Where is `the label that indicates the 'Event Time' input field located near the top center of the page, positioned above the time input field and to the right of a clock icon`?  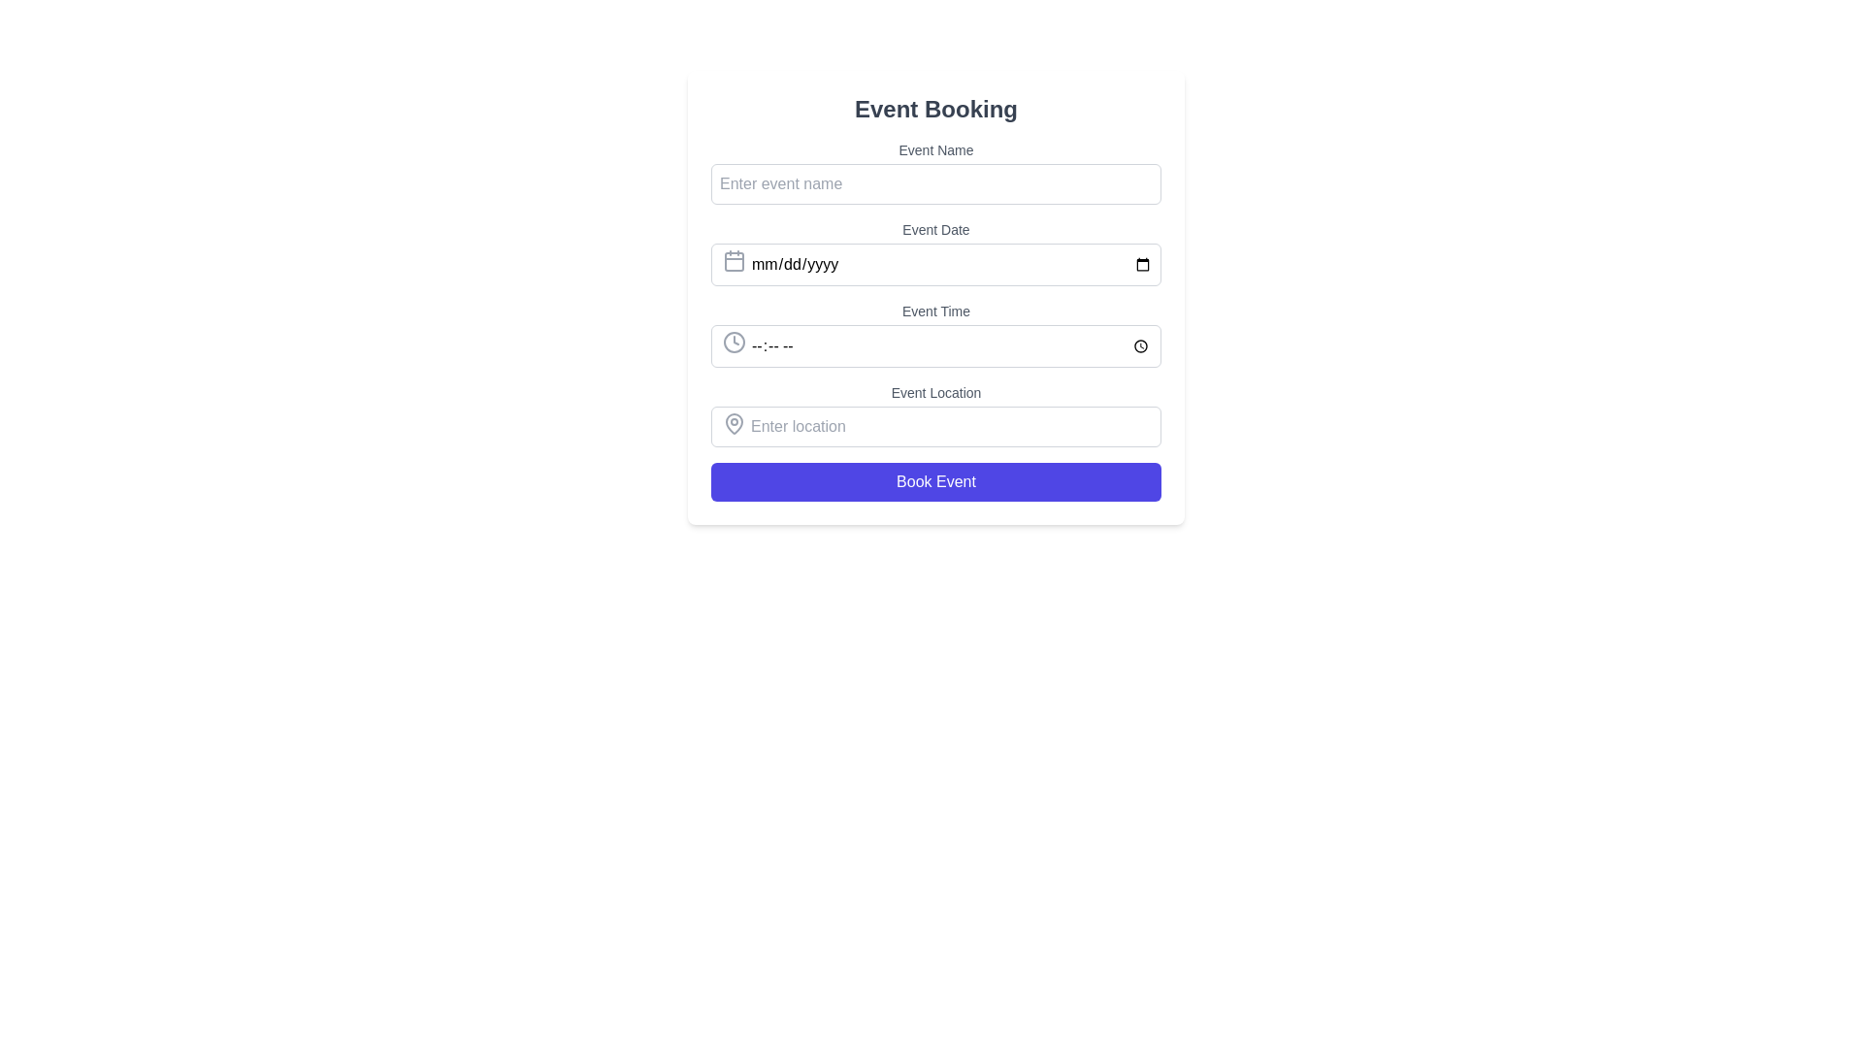 the label that indicates the 'Event Time' input field located near the top center of the page, positioned above the time input field and to the right of a clock icon is located at coordinates (935, 310).